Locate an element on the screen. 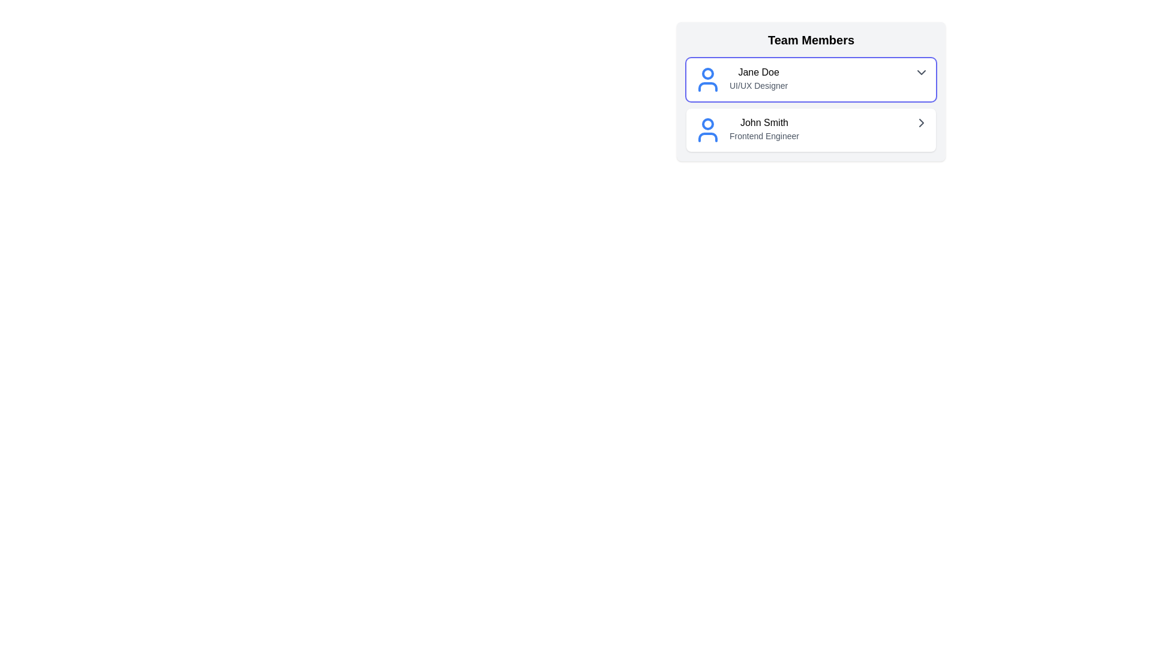 Image resolution: width=1152 pixels, height=648 pixels. the second entry in the 'Team Members' list component that displays the name and role of a team member, positioned below 'Jane Doe' is located at coordinates (763, 129).